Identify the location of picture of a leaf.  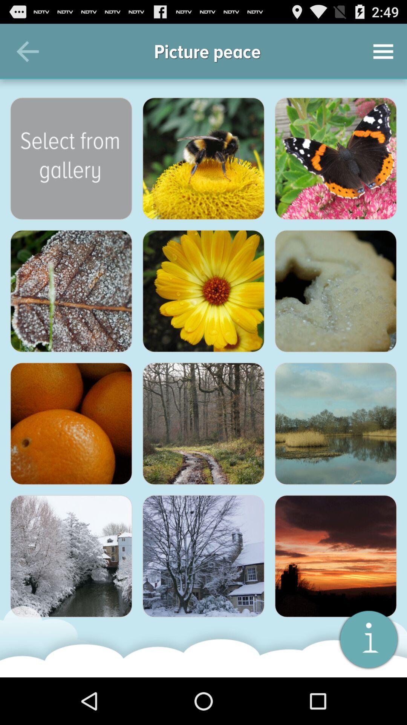
(71, 291).